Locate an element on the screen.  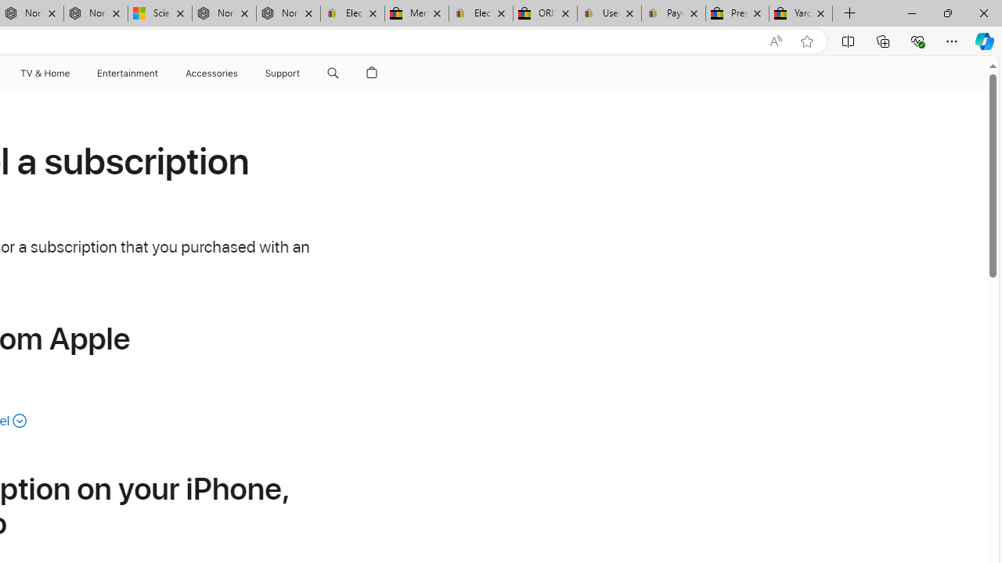
'Yard, Garden & Outdoor Living' is located at coordinates (801, 13).